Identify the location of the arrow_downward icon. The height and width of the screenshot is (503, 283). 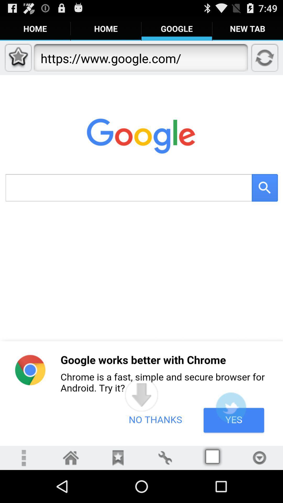
(141, 423).